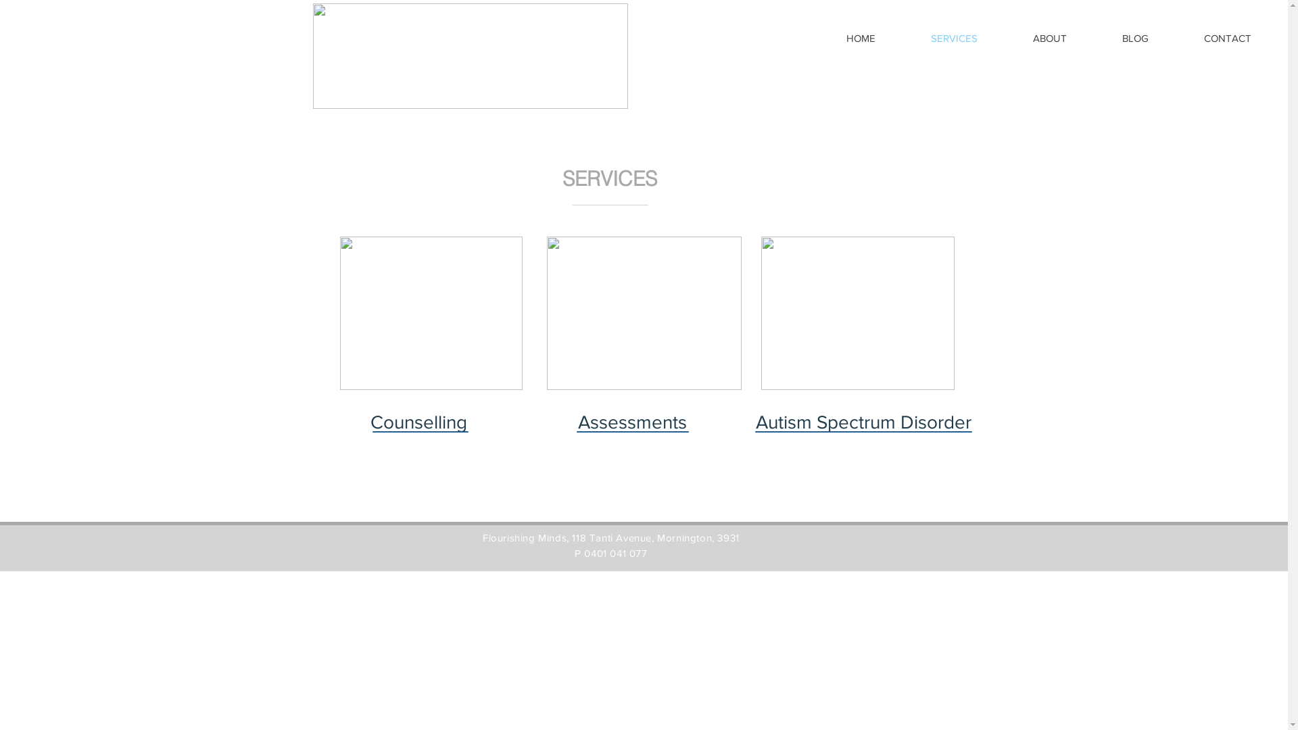  I want to click on 'ABOUT', so click(1049, 37).